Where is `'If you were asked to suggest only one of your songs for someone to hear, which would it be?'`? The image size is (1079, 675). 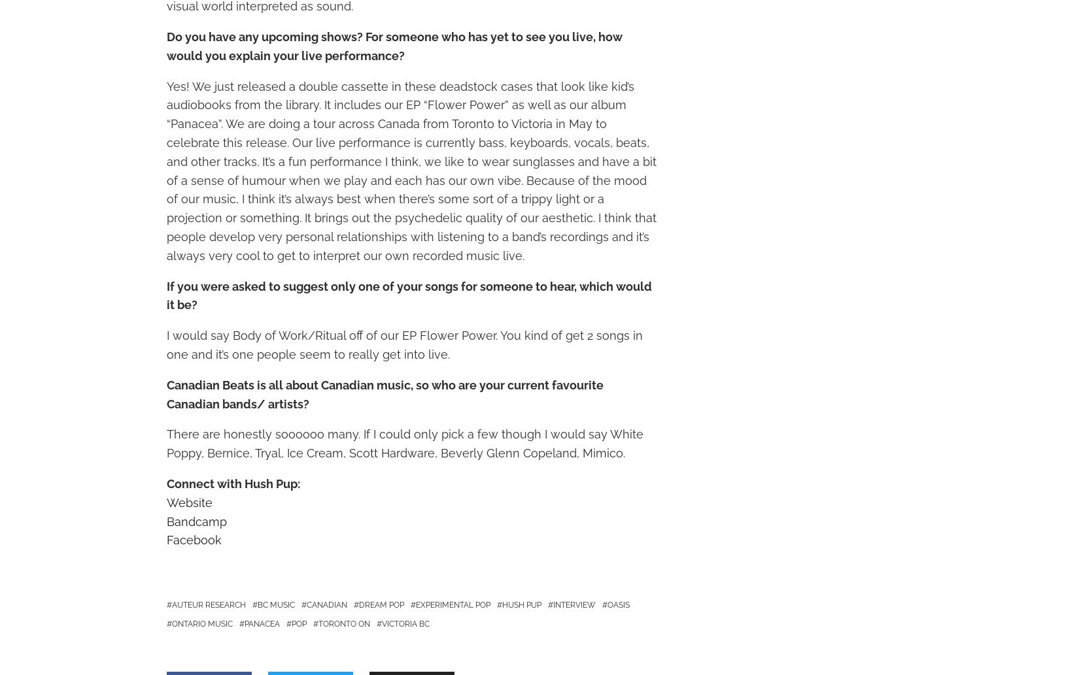
'If you were asked to suggest only one of your songs for someone to hear, which would it be?' is located at coordinates (166, 295).